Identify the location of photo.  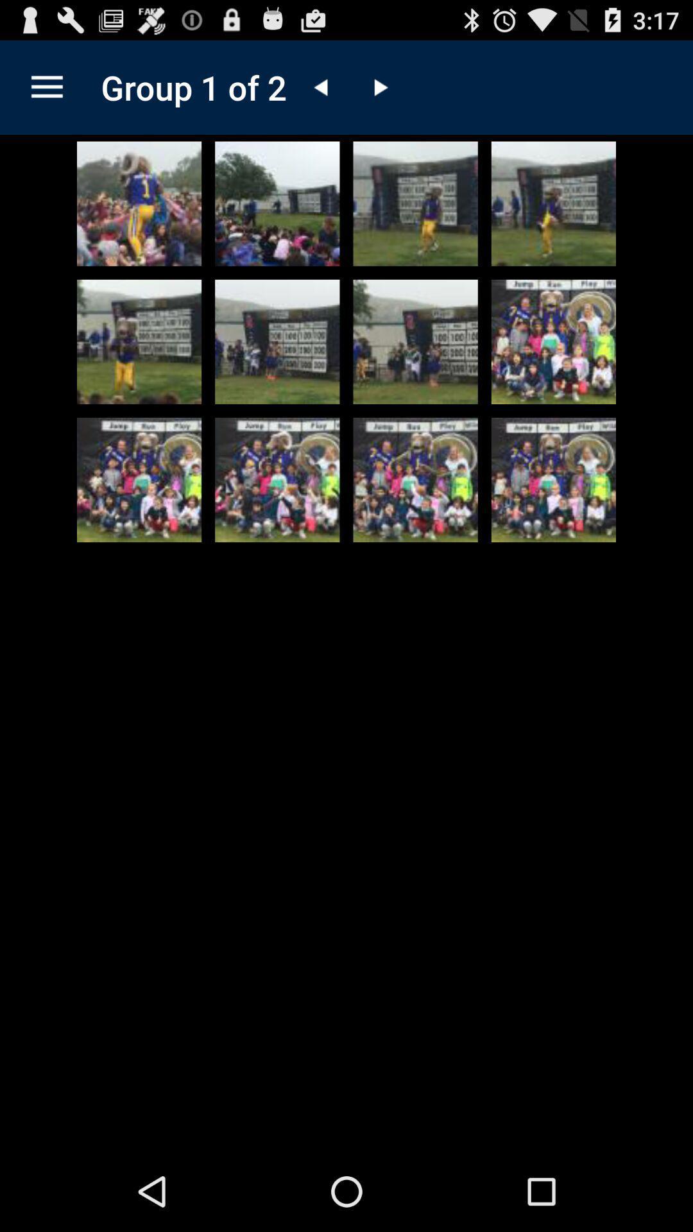
(277, 341).